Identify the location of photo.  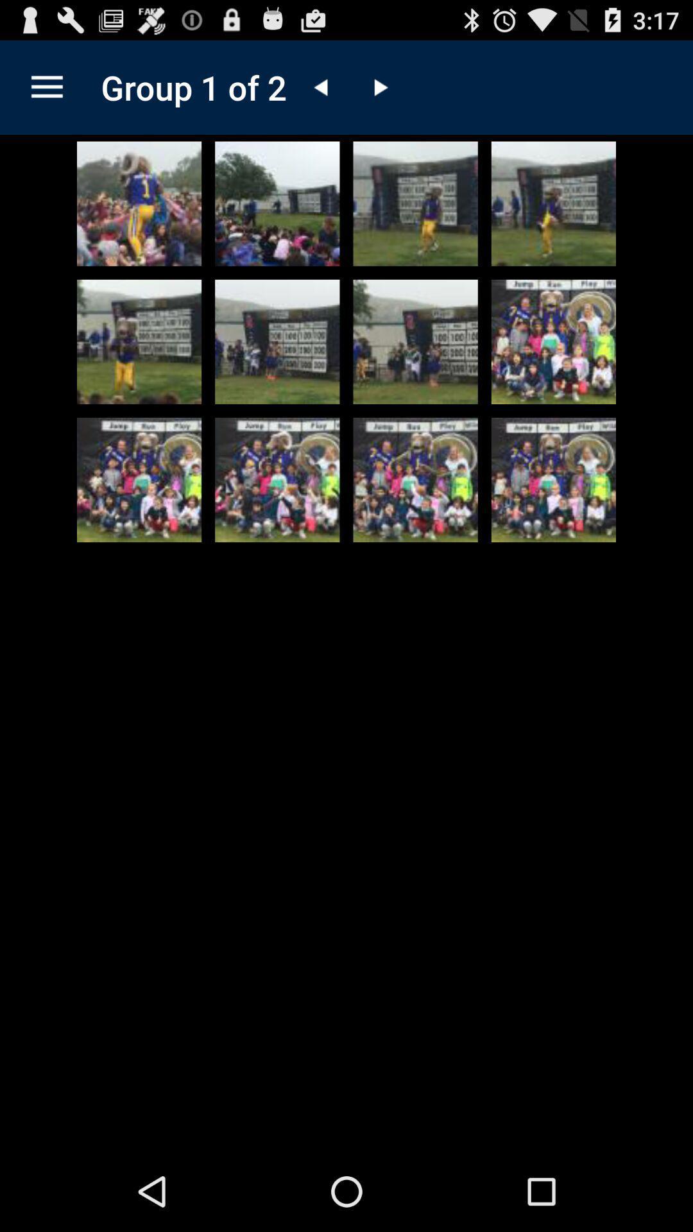
(277, 341).